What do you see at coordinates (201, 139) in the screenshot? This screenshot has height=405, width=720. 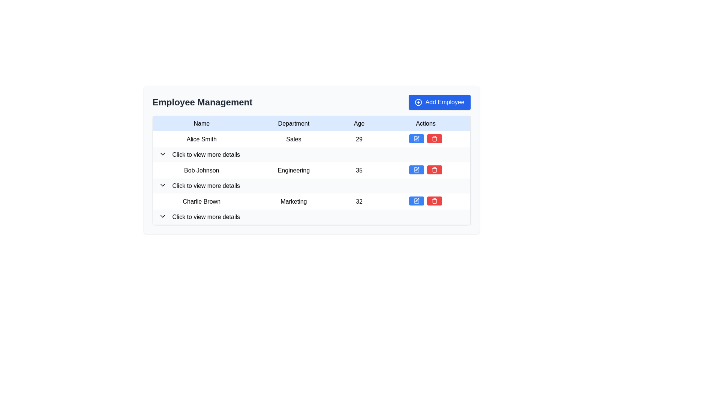 I see `the text label displaying 'Alice Smith' in the employee management table under the 'Name' column` at bounding box center [201, 139].